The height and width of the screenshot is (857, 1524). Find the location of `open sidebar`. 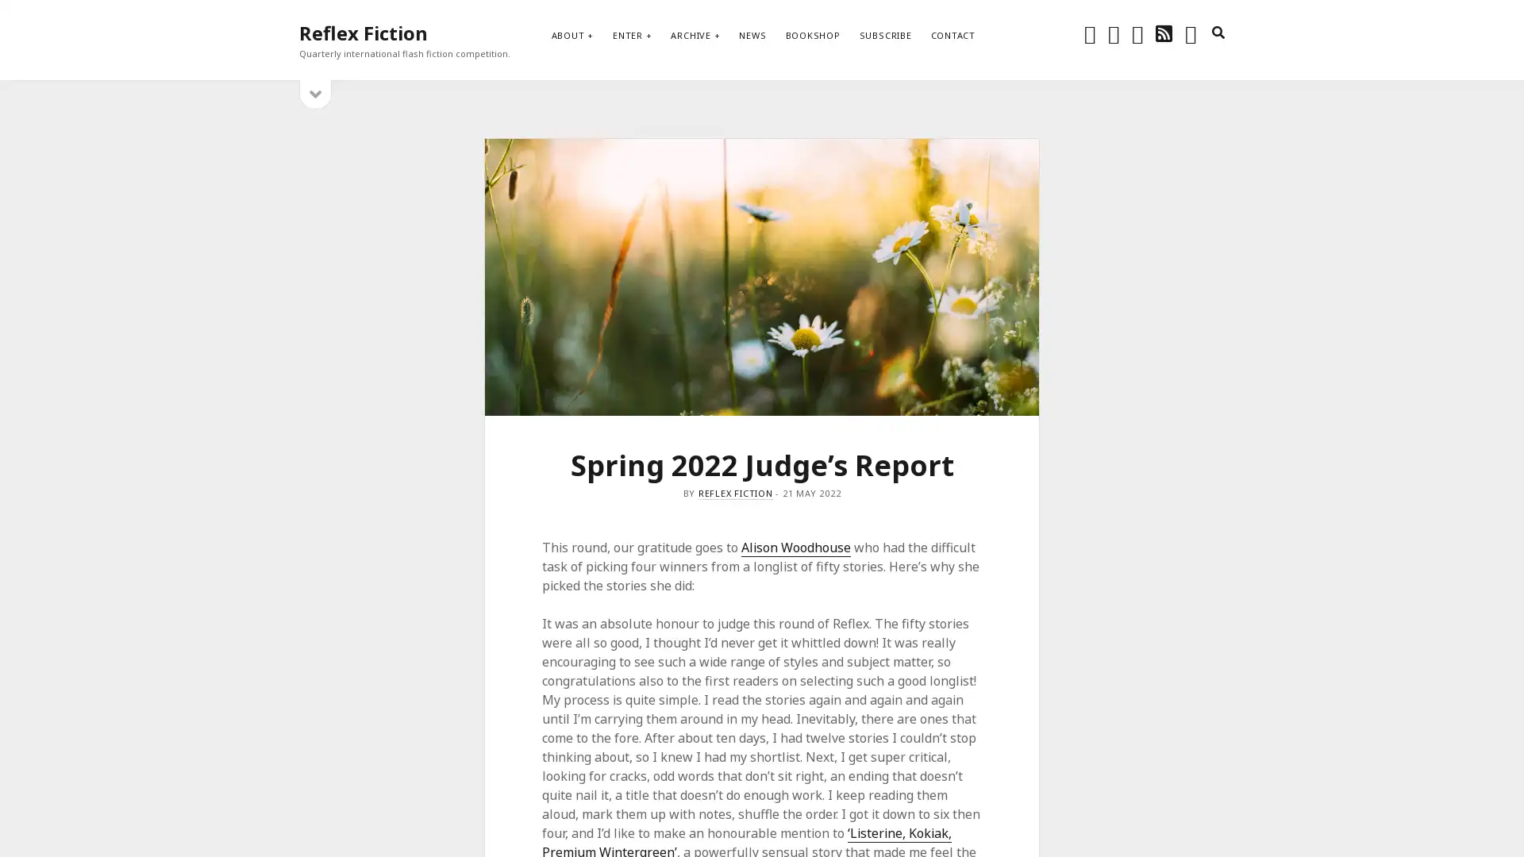

open sidebar is located at coordinates (314, 94).